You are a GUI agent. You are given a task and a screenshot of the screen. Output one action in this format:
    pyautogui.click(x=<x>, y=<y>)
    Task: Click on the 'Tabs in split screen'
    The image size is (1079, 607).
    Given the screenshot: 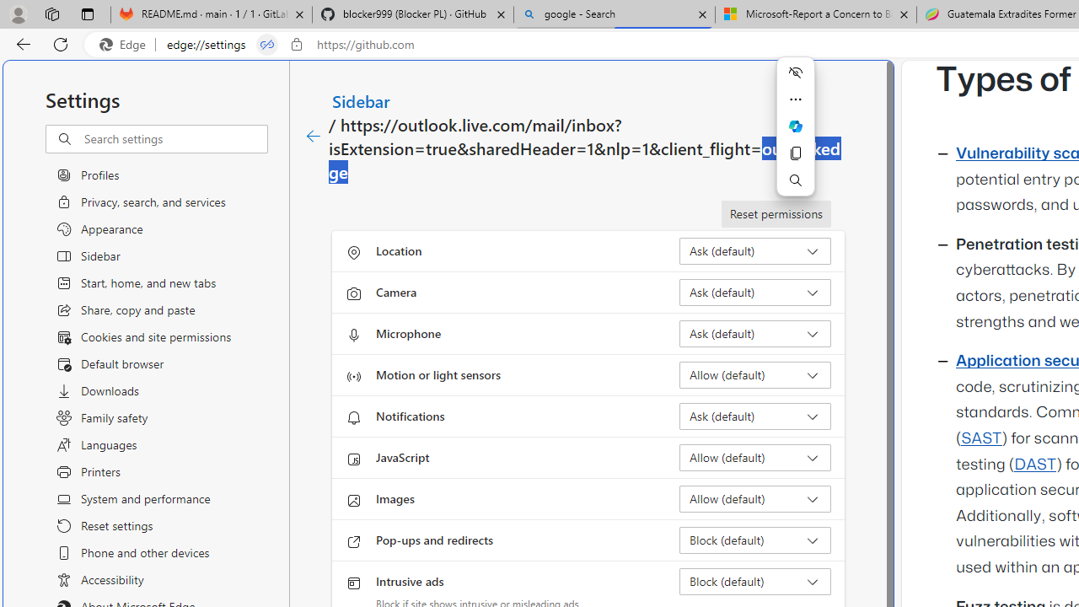 What is the action you would take?
    pyautogui.click(x=266, y=44)
    